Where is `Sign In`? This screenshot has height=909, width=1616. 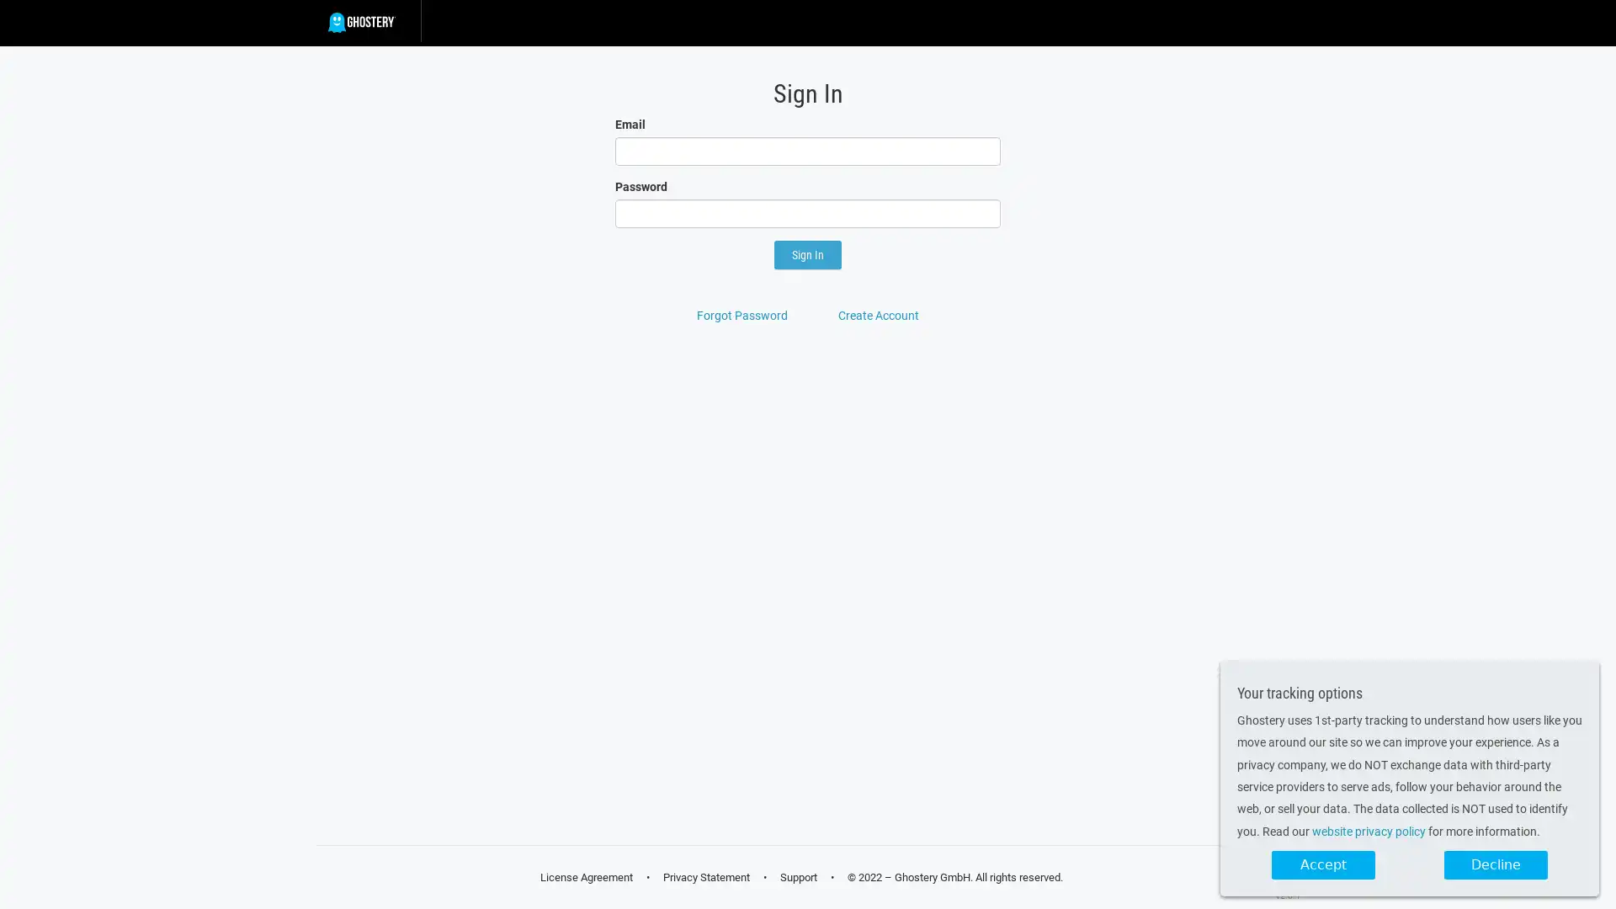 Sign In is located at coordinates (808, 255).